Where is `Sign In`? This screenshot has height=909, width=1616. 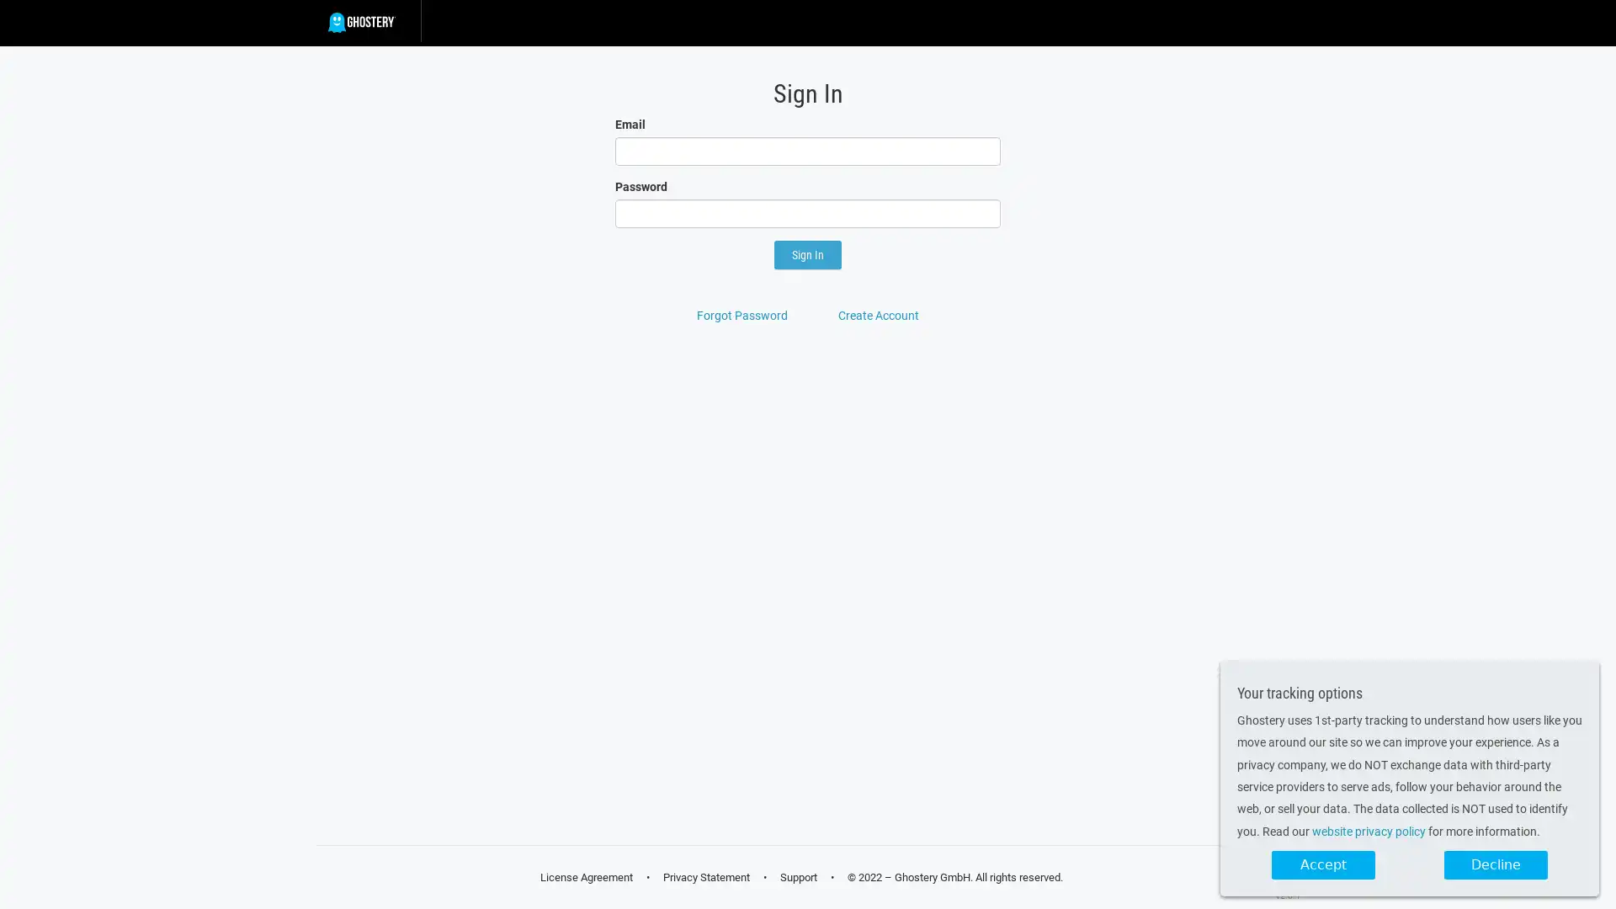 Sign In is located at coordinates (808, 255).